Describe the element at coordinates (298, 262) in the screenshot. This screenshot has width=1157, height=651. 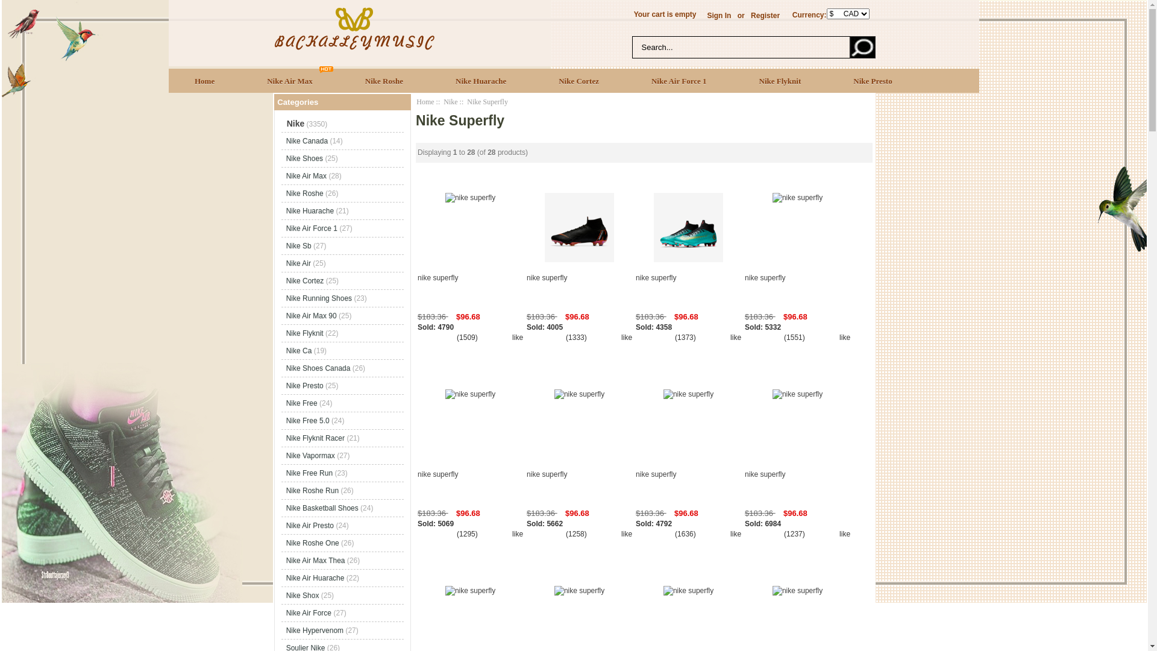
I see `'Nike Air'` at that location.